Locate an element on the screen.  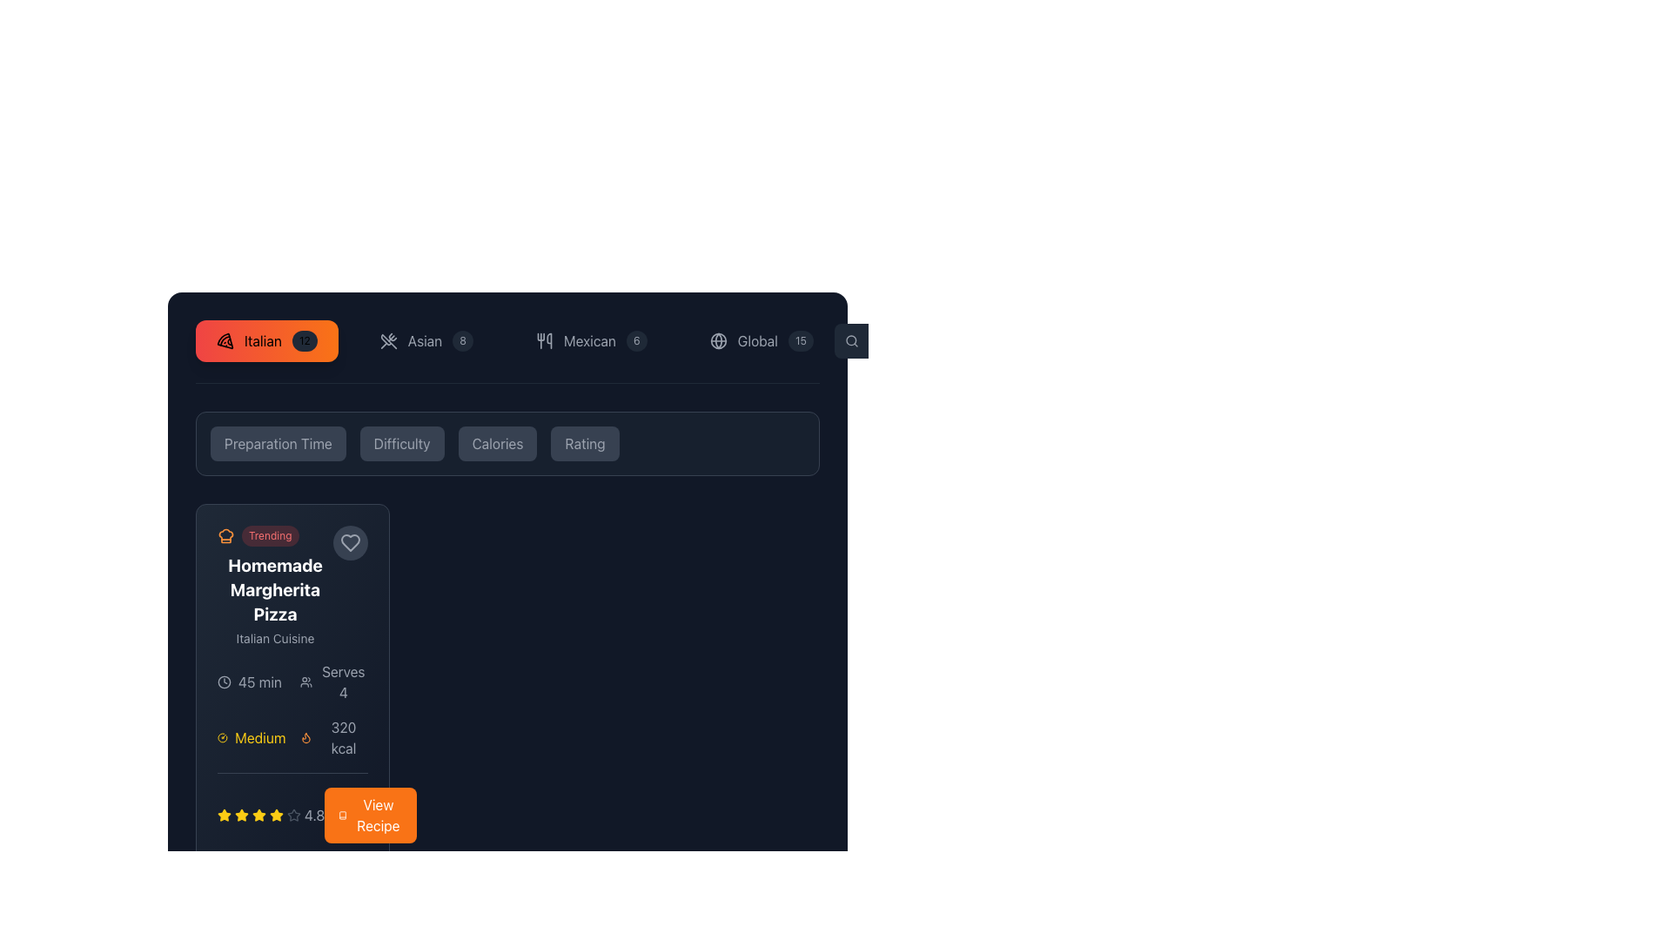
text from the element containing the heading 'Homemade Margherita Pizza' and subtitle 'Italian Cuisine', which is located centered within the first card of recipe items is located at coordinates (292, 587).